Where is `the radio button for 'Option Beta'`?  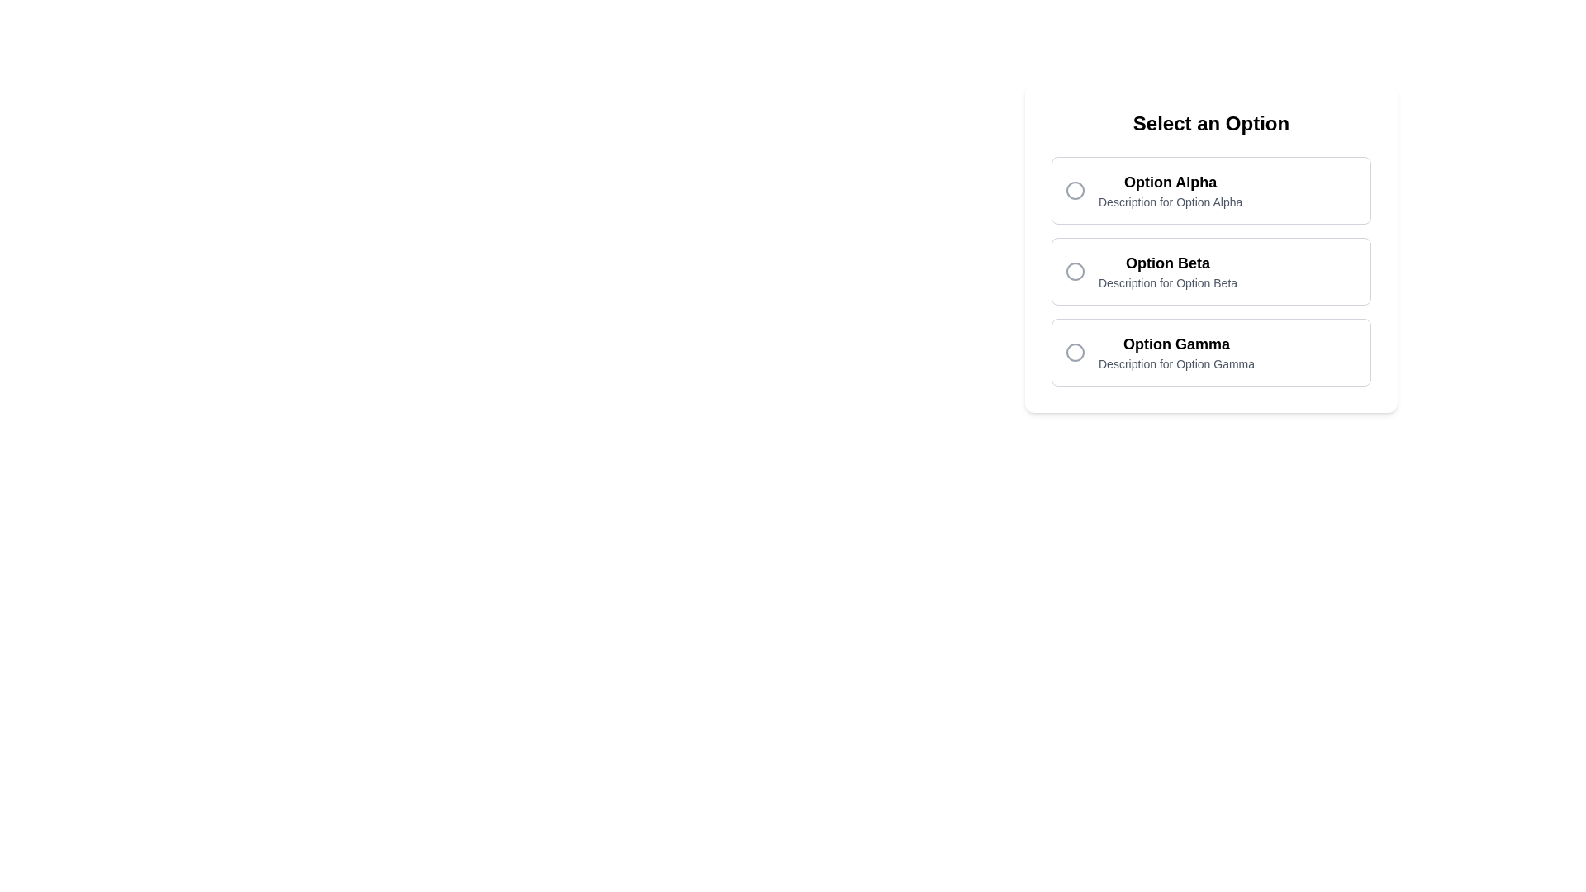 the radio button for 'Option Beta' is located at coordinates (1075, 270).